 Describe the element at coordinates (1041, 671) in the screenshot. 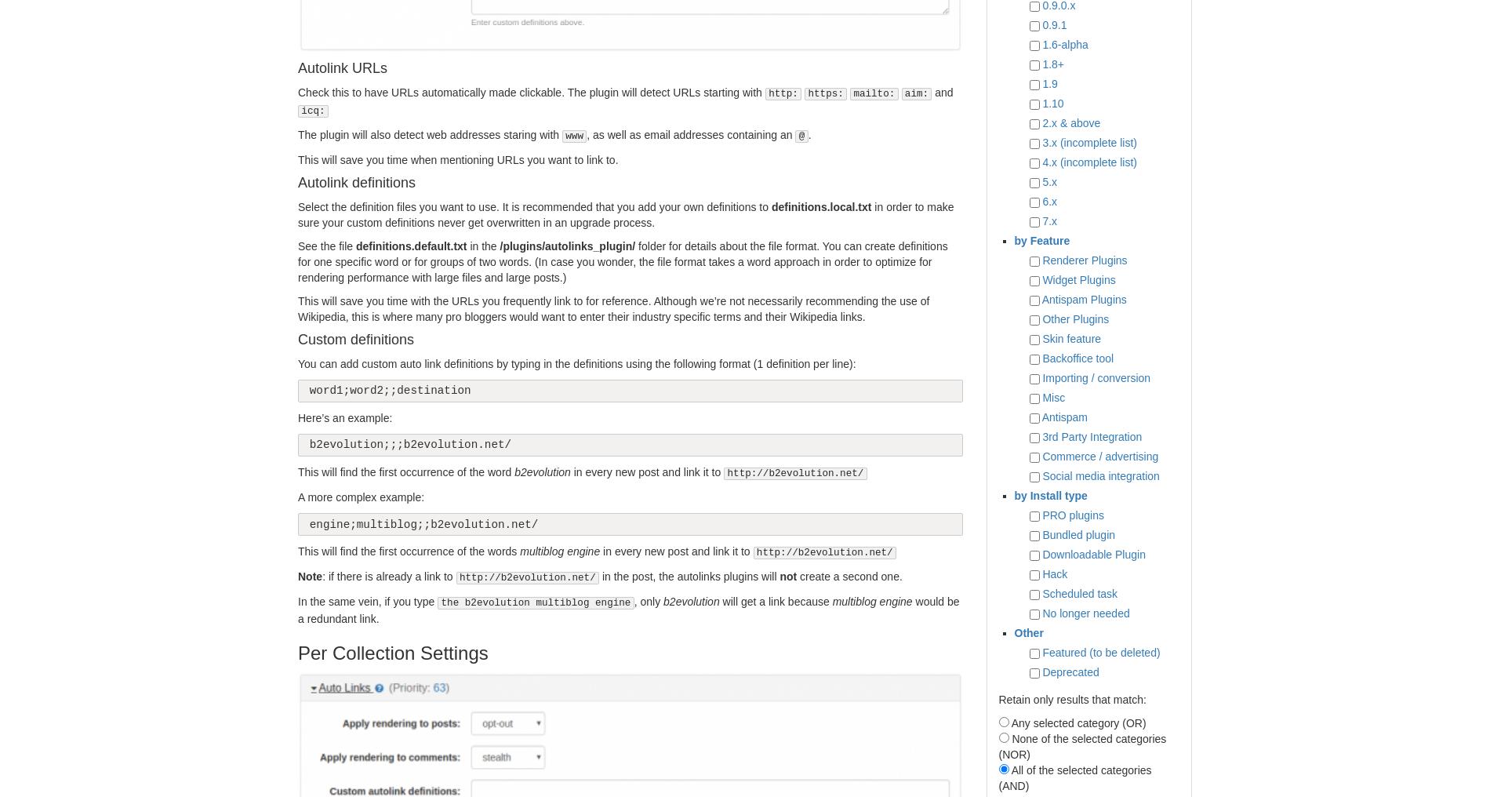

I see `'Deprecated'` at that location.